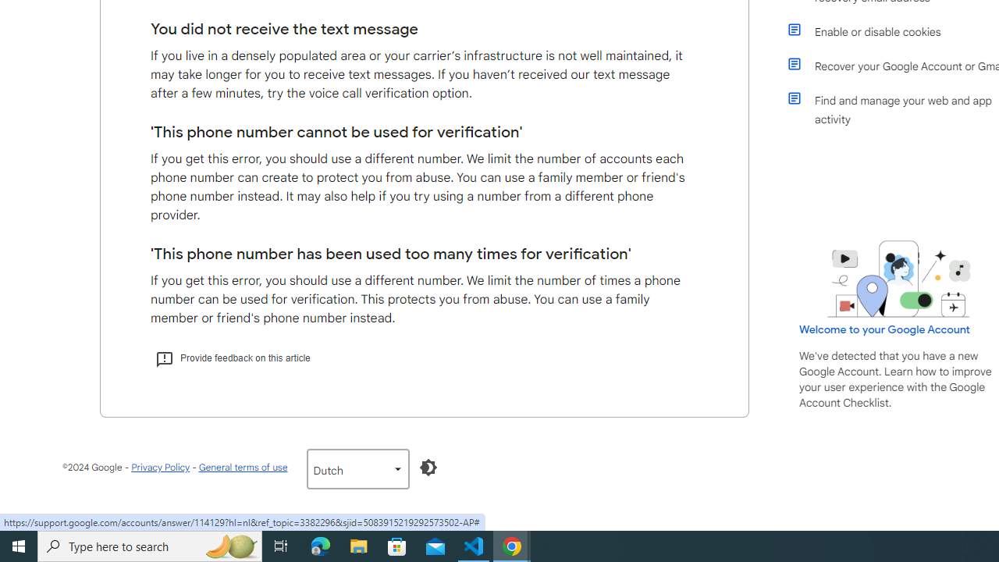  I want to click on 'General terms of use', so click(242, 466).